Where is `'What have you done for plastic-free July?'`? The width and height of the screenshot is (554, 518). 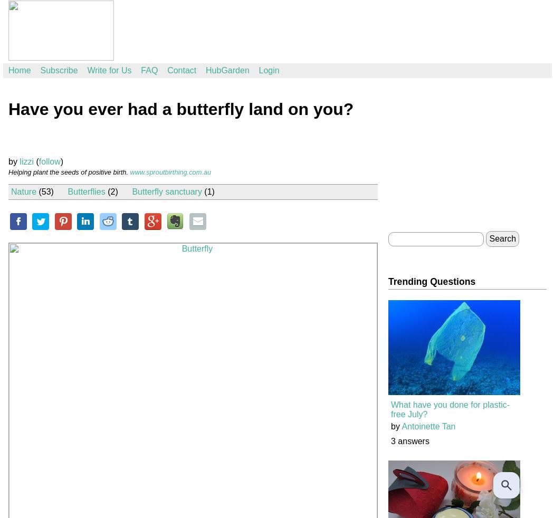 'What have you done for plastic-free July?' is located at coordinates (450, 409).